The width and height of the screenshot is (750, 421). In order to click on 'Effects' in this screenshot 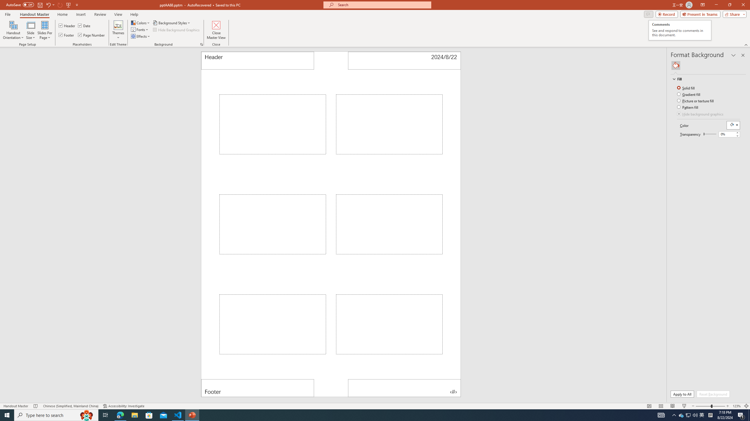, I will do `click(141, 36)`.